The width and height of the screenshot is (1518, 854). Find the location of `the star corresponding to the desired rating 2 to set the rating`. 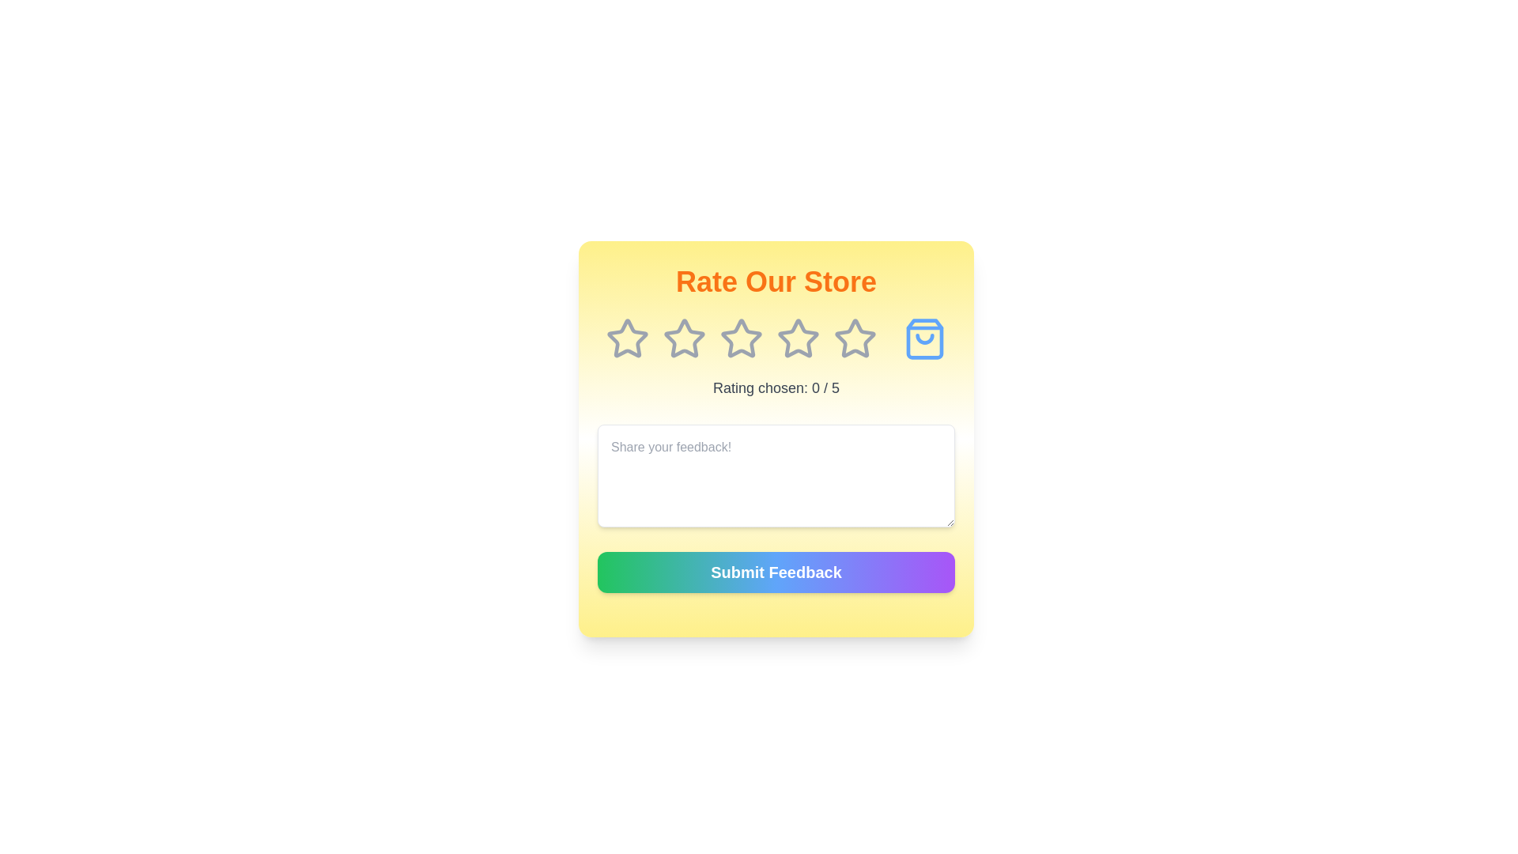

the star corresponding to the desired rating 2 to set the rating is located at coordinates (684, 338).